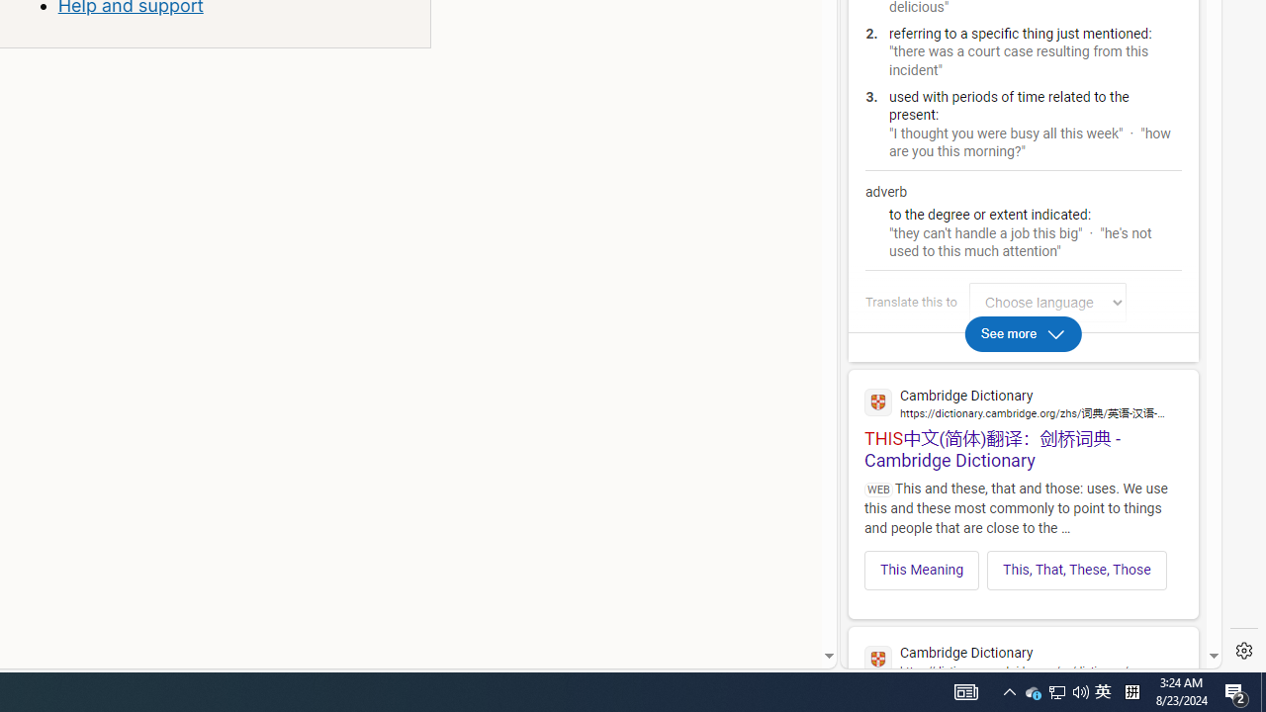  What do you see at coordinates (1051, 302) in the screenshot?
I see `'Link for logging'` at bounding box center [1051, 302].